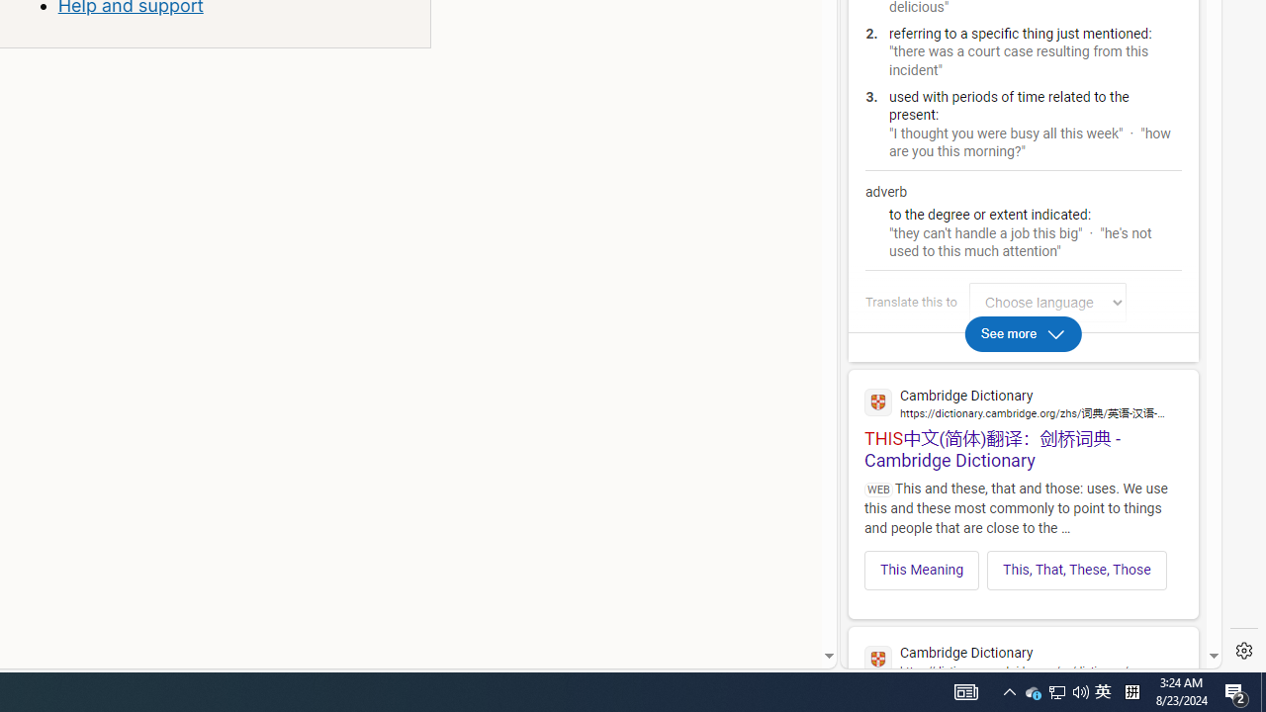  What do you see at coordinates (1051, 302) in the screenshot?
I see `'Link for logging'` at bounding box center [1051, 302].